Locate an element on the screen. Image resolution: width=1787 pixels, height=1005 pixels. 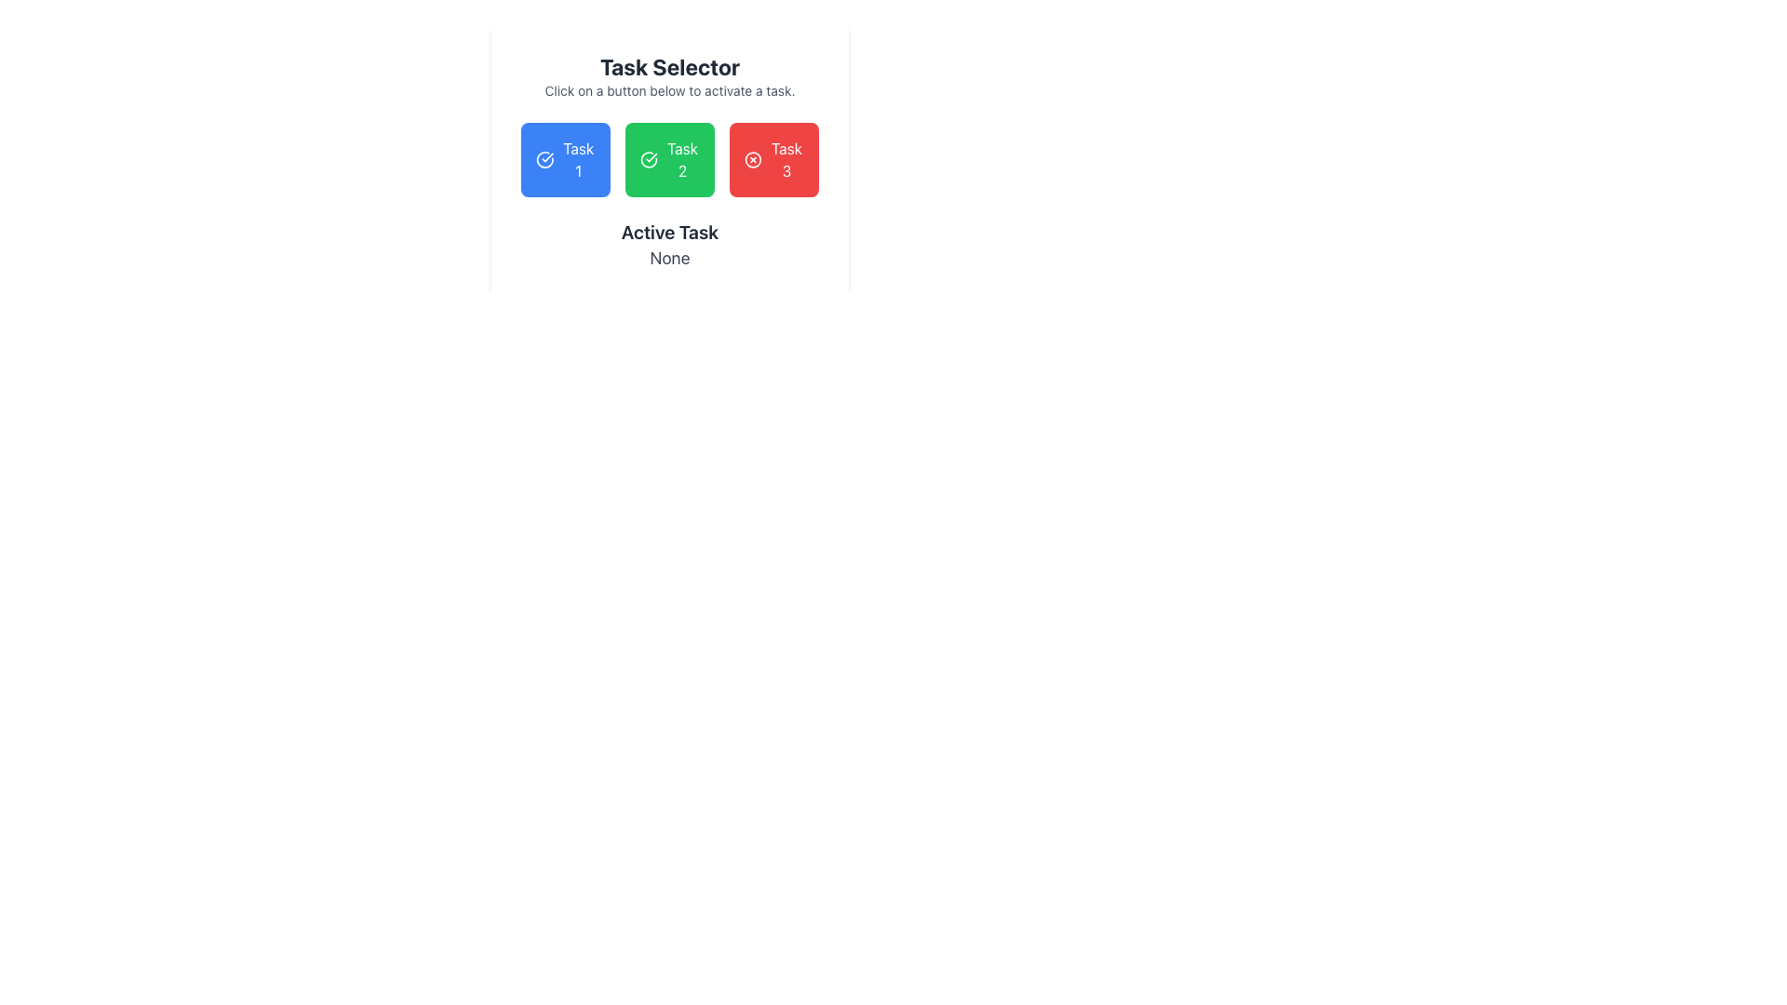
the green button labeled 'Task 2' with a check-mark icon is located at coordinates (670, 159).